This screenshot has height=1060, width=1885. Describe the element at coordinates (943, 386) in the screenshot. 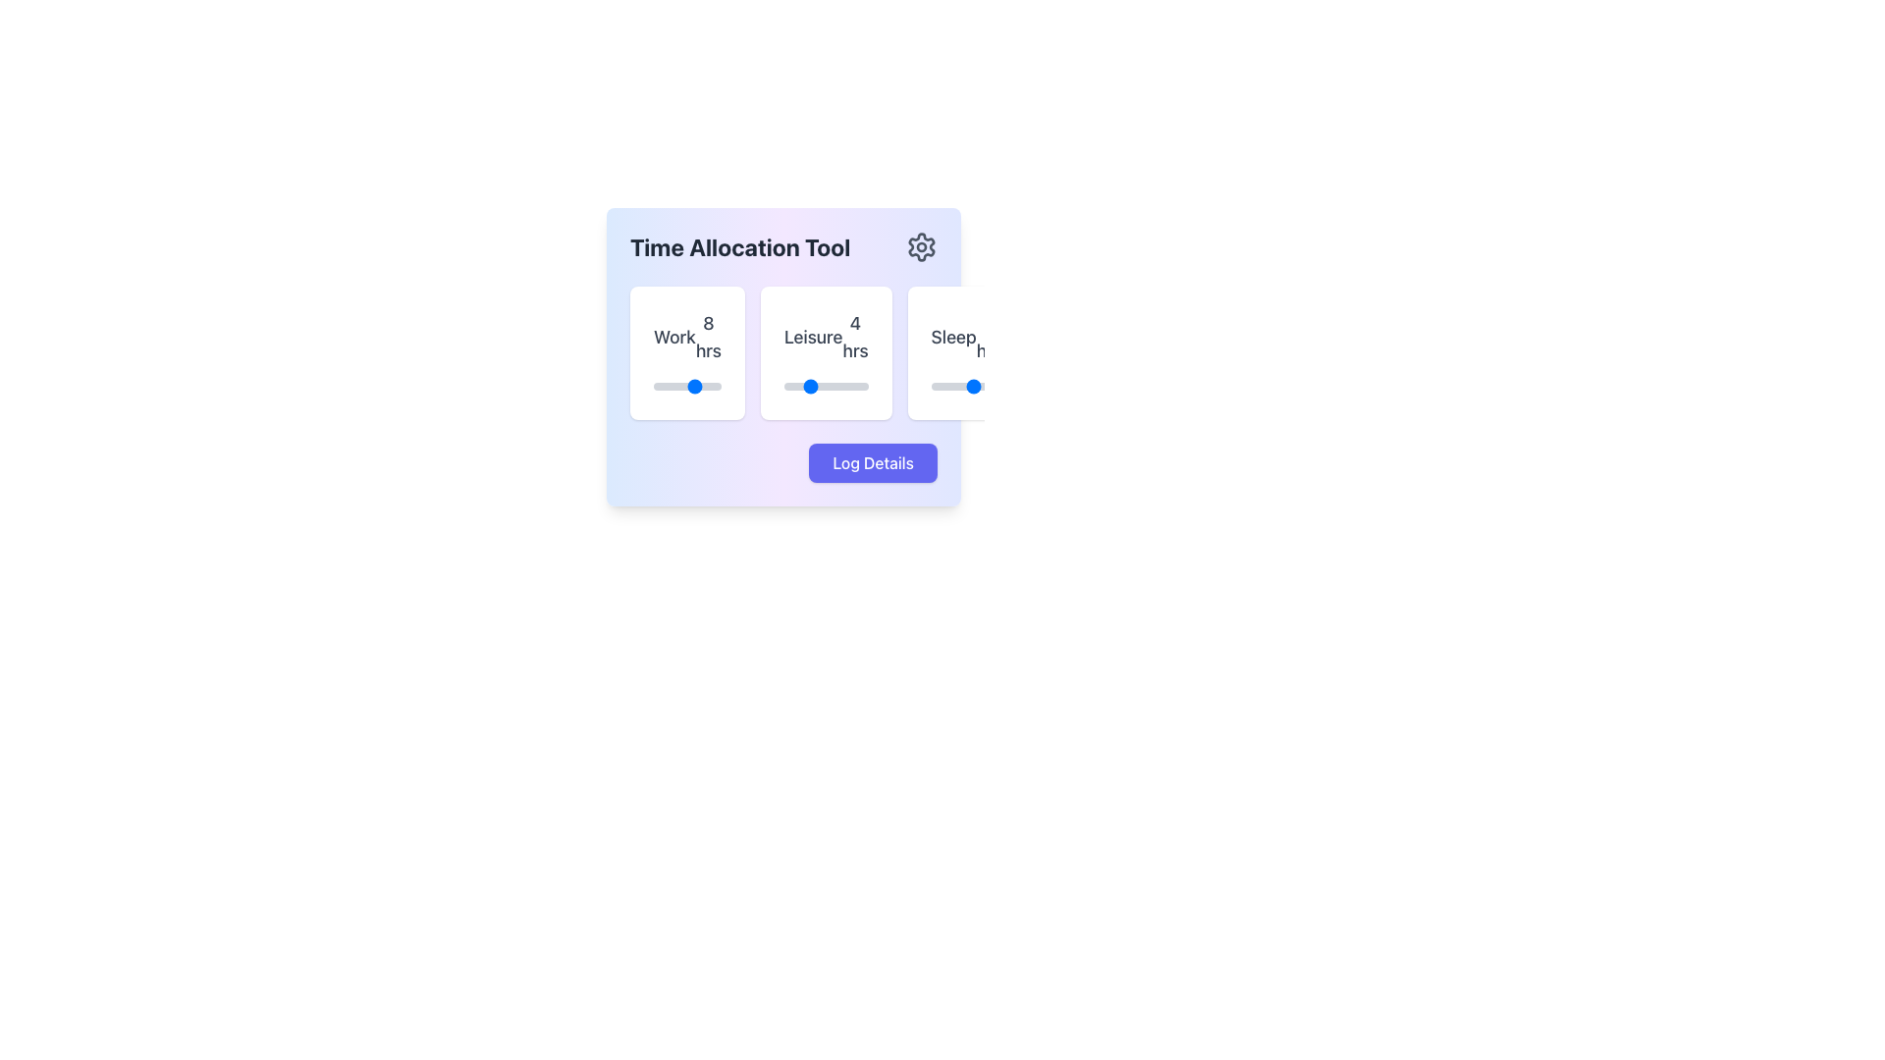

I see `the sleep duration` at that location.